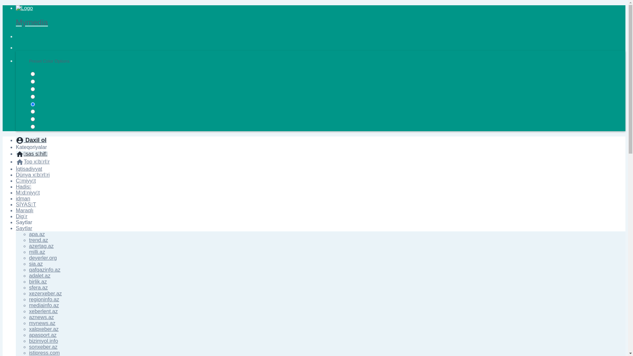 The width and height of the screenshot is (633, 356). Describe the element at coordinates (28, 352) in the screenshot. I see `'istipress.com'` at that location.